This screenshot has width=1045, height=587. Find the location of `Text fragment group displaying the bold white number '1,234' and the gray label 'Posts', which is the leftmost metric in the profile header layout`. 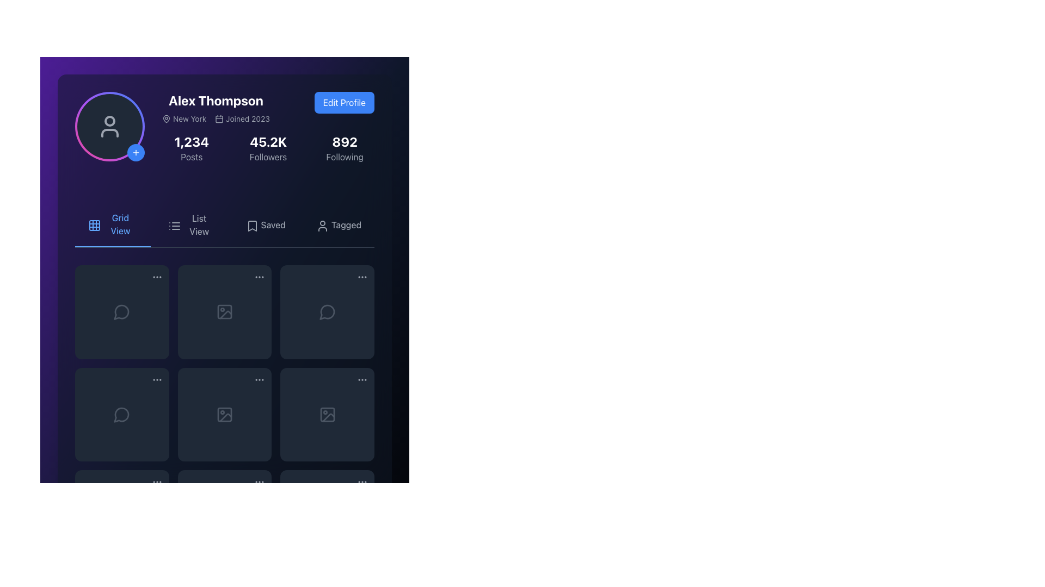

Text fragment group displaying the bold white number '1,234' and the gray label 'Posts', which is the leftmost metric in the profile header layout is located at coordinates (192, 148).